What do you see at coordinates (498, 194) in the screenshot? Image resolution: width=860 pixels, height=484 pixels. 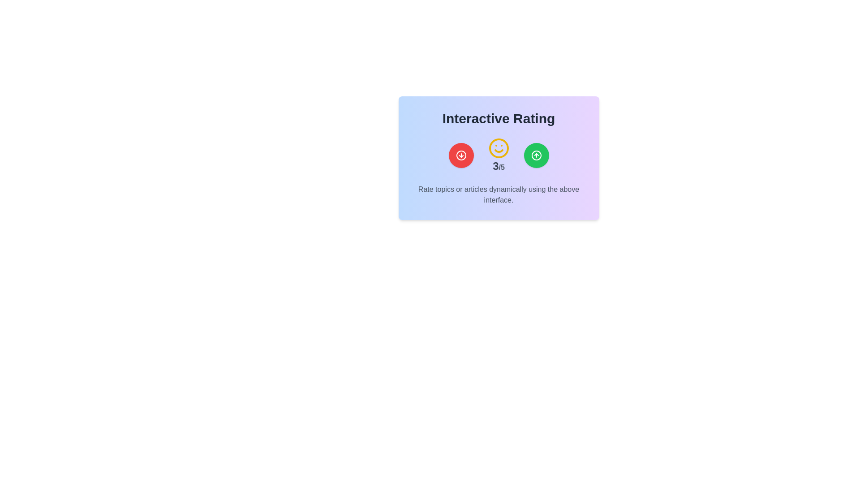 I see `the informational text block that reads 'Rate topics or articles dynamically using the above interface.' which is styled in gray font and located at the bottom of the interactive rating interface` at bounding box center [498, 194].